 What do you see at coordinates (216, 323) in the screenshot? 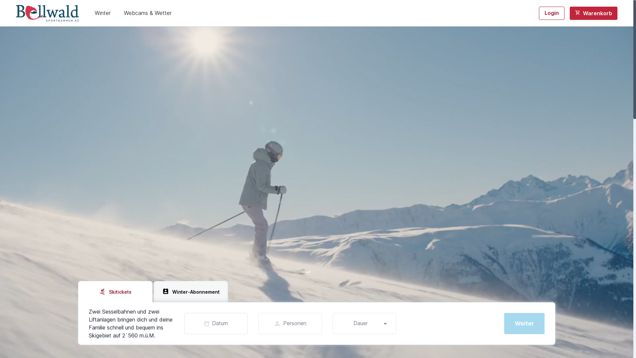
I see `'Datum'` at bounding box center [216, 323].